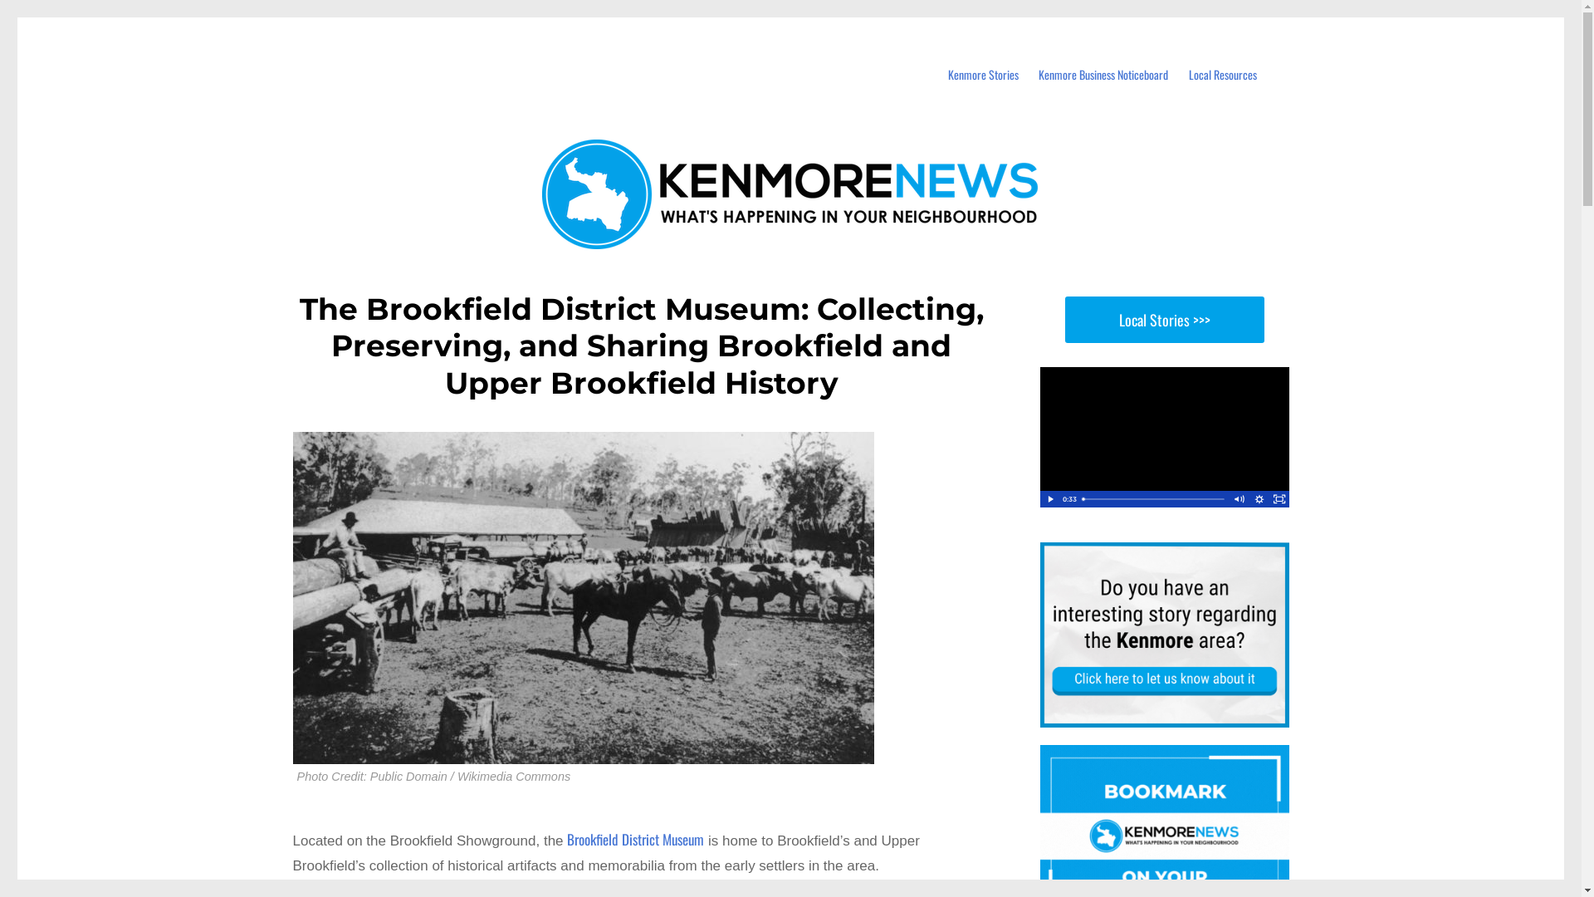  Describe the element at coordinates (1259, 498) in the screenshot. I see `'Show settings menu'` at that location.